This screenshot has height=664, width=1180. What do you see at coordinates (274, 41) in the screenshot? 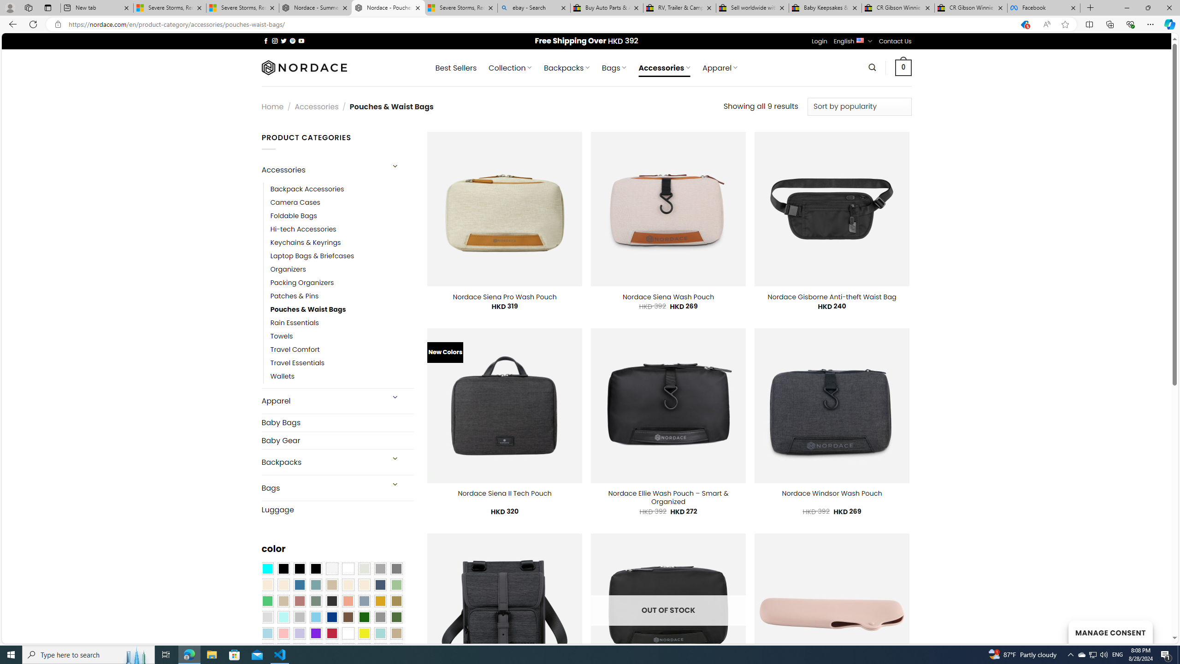
I see `'Follow on Instagram'` at bounding box center [274, 41].